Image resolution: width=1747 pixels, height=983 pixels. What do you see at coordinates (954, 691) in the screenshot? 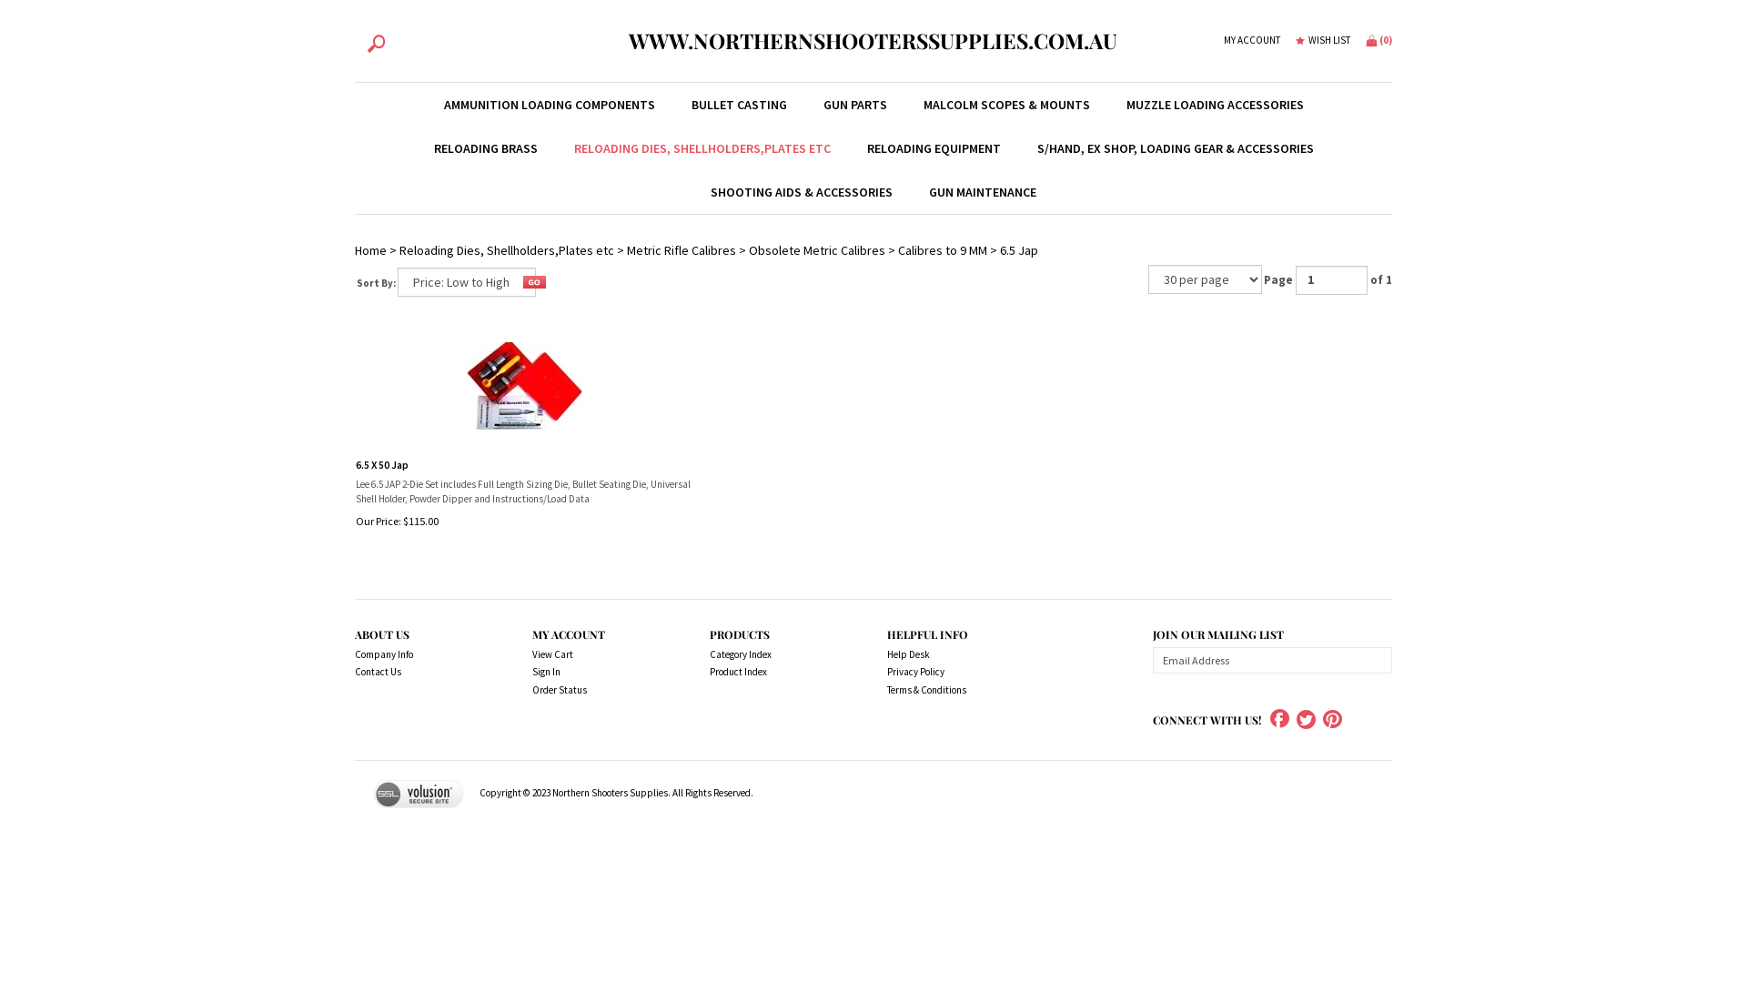
I see `'Terms & Conditions'` at bounding box center [954, 691].